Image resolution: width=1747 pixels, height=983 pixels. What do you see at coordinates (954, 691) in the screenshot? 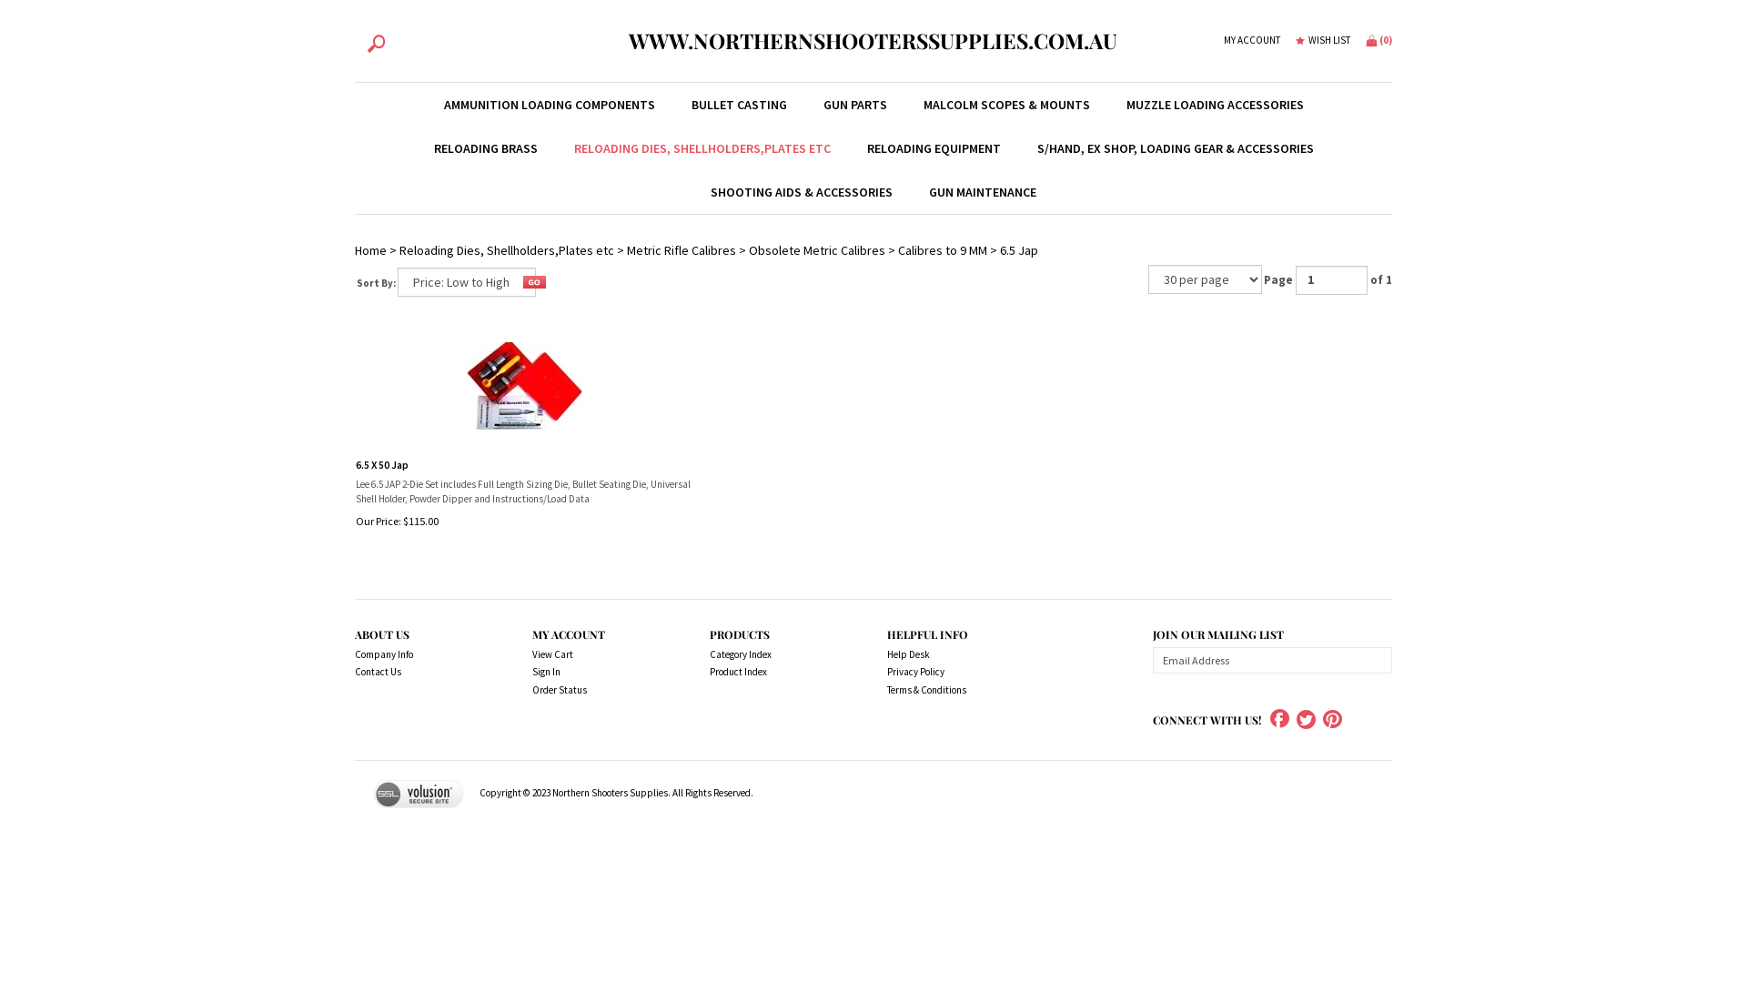
I see `'Terms & Conditions'` at bounding box center [954, 691].